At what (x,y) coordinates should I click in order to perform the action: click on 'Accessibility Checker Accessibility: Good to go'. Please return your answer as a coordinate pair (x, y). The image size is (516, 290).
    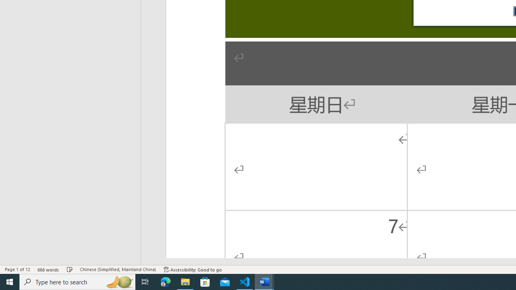
    Looking at the image, I should click on (192, 269).